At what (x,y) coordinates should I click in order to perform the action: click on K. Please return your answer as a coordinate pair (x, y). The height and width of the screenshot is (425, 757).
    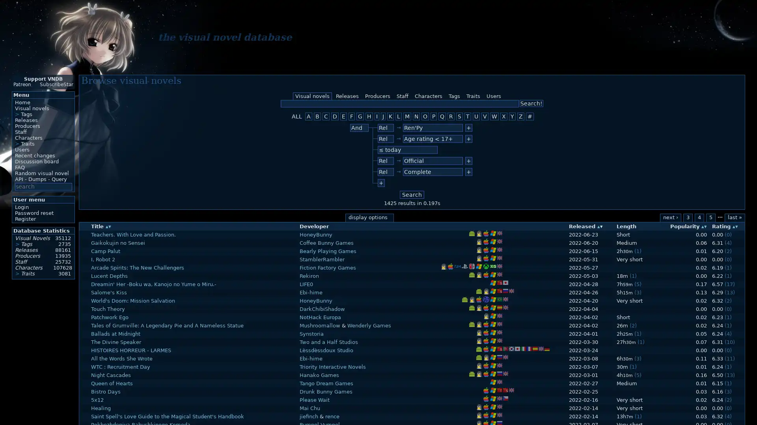
    Looking at the image, I should click on (390, 116).